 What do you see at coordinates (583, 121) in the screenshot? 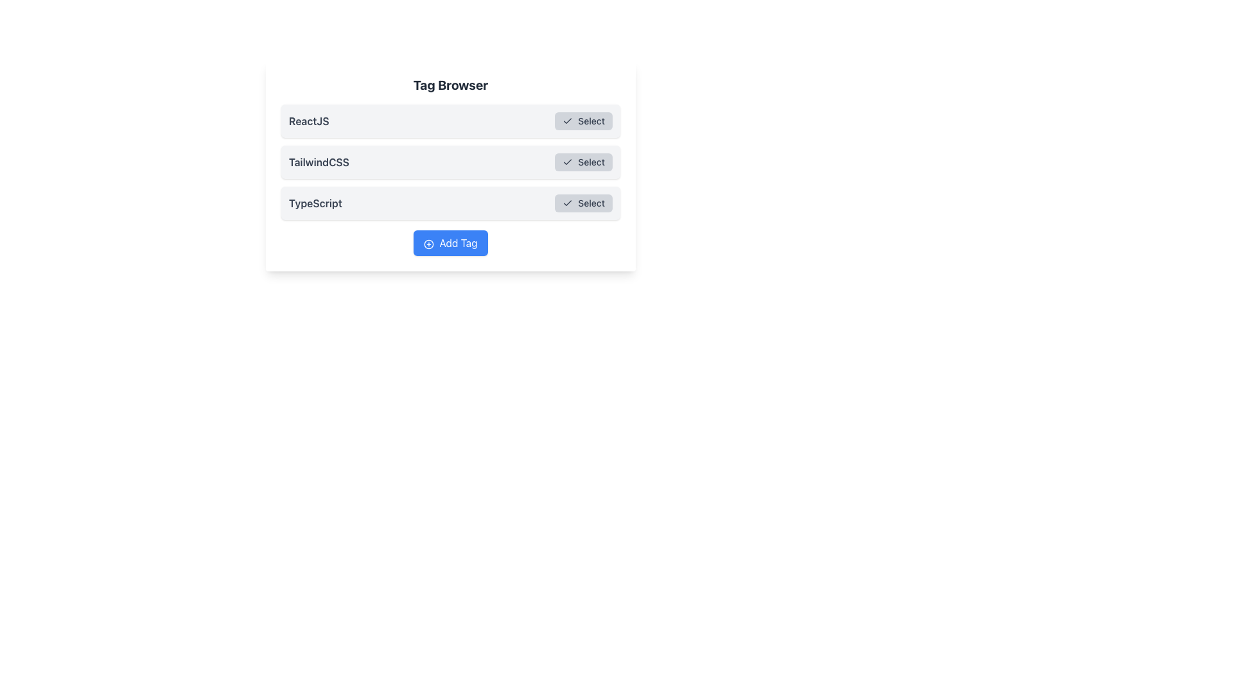
I see `the 'Select' button with a checkmark icon located in the top row corresponding to 'ReactJS'` at bounding box center [583, 121].